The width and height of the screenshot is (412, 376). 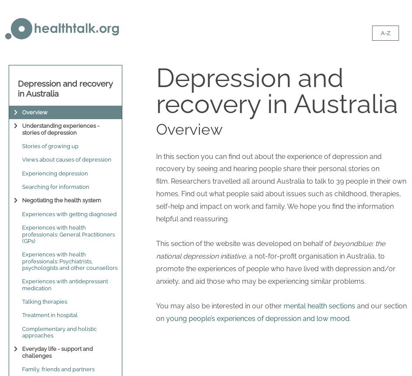 I want to click on 'Complementary and holistic approaches', so click(x=22, y=332).